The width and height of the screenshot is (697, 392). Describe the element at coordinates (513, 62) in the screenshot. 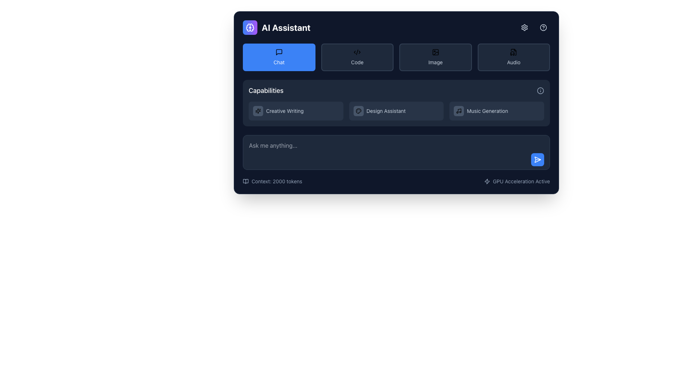

I see `the small textual label reading 'Audio' that is part of the user interface section dedicated to features or categories` at that location.